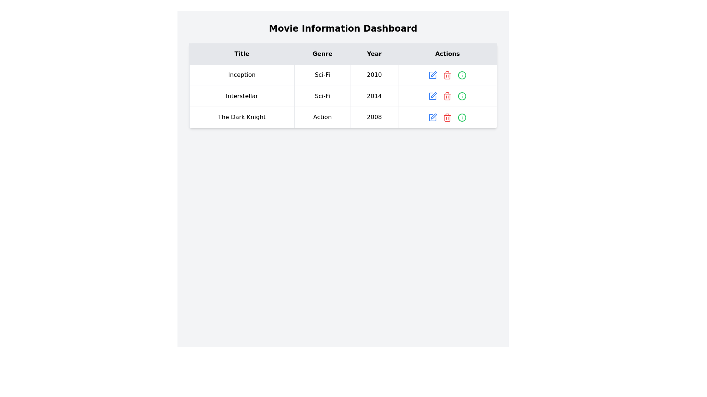  I want to click on the delete button, which is the second interactive icon in the 'Actions' column of the second row in the movie information table, so click(447, 96).